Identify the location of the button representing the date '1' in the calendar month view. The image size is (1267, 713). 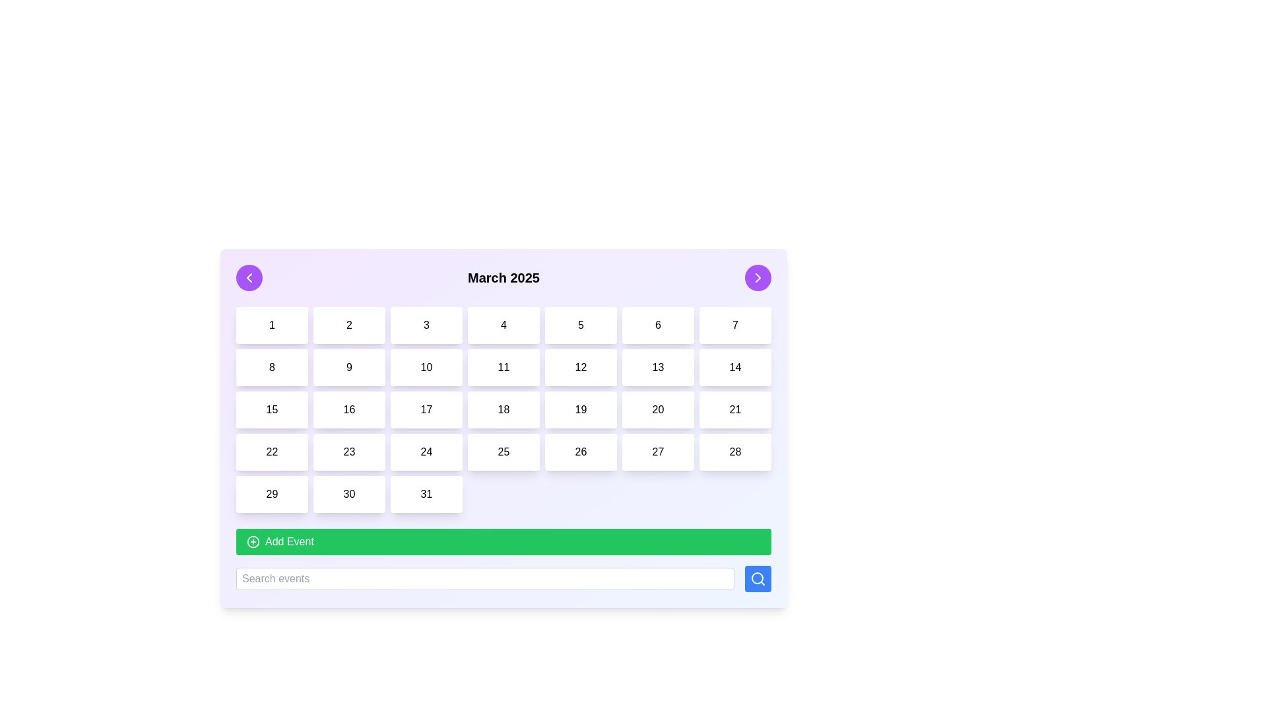
(271, 325).